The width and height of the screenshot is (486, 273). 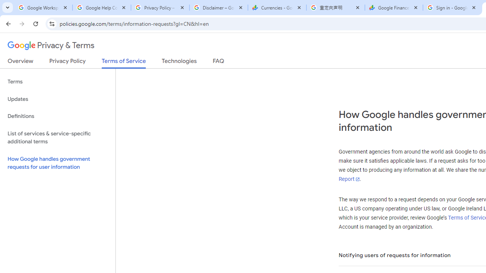 I want to click on 'Google Workspace Admin Community', so click(x=43, y=8).